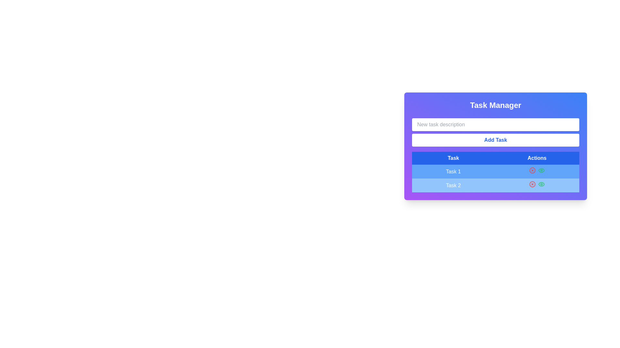 The width and height of the screenshot is (620, 348). I want to click on the green eye icon in the 'Actions' column under 'Task 1' to toggle visibility or preview, so click(542, 184).